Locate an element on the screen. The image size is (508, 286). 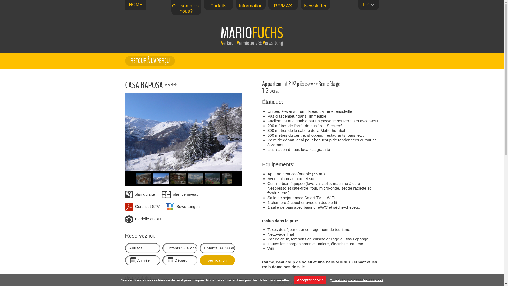
'HOME' is located at coordinates (124, 6).